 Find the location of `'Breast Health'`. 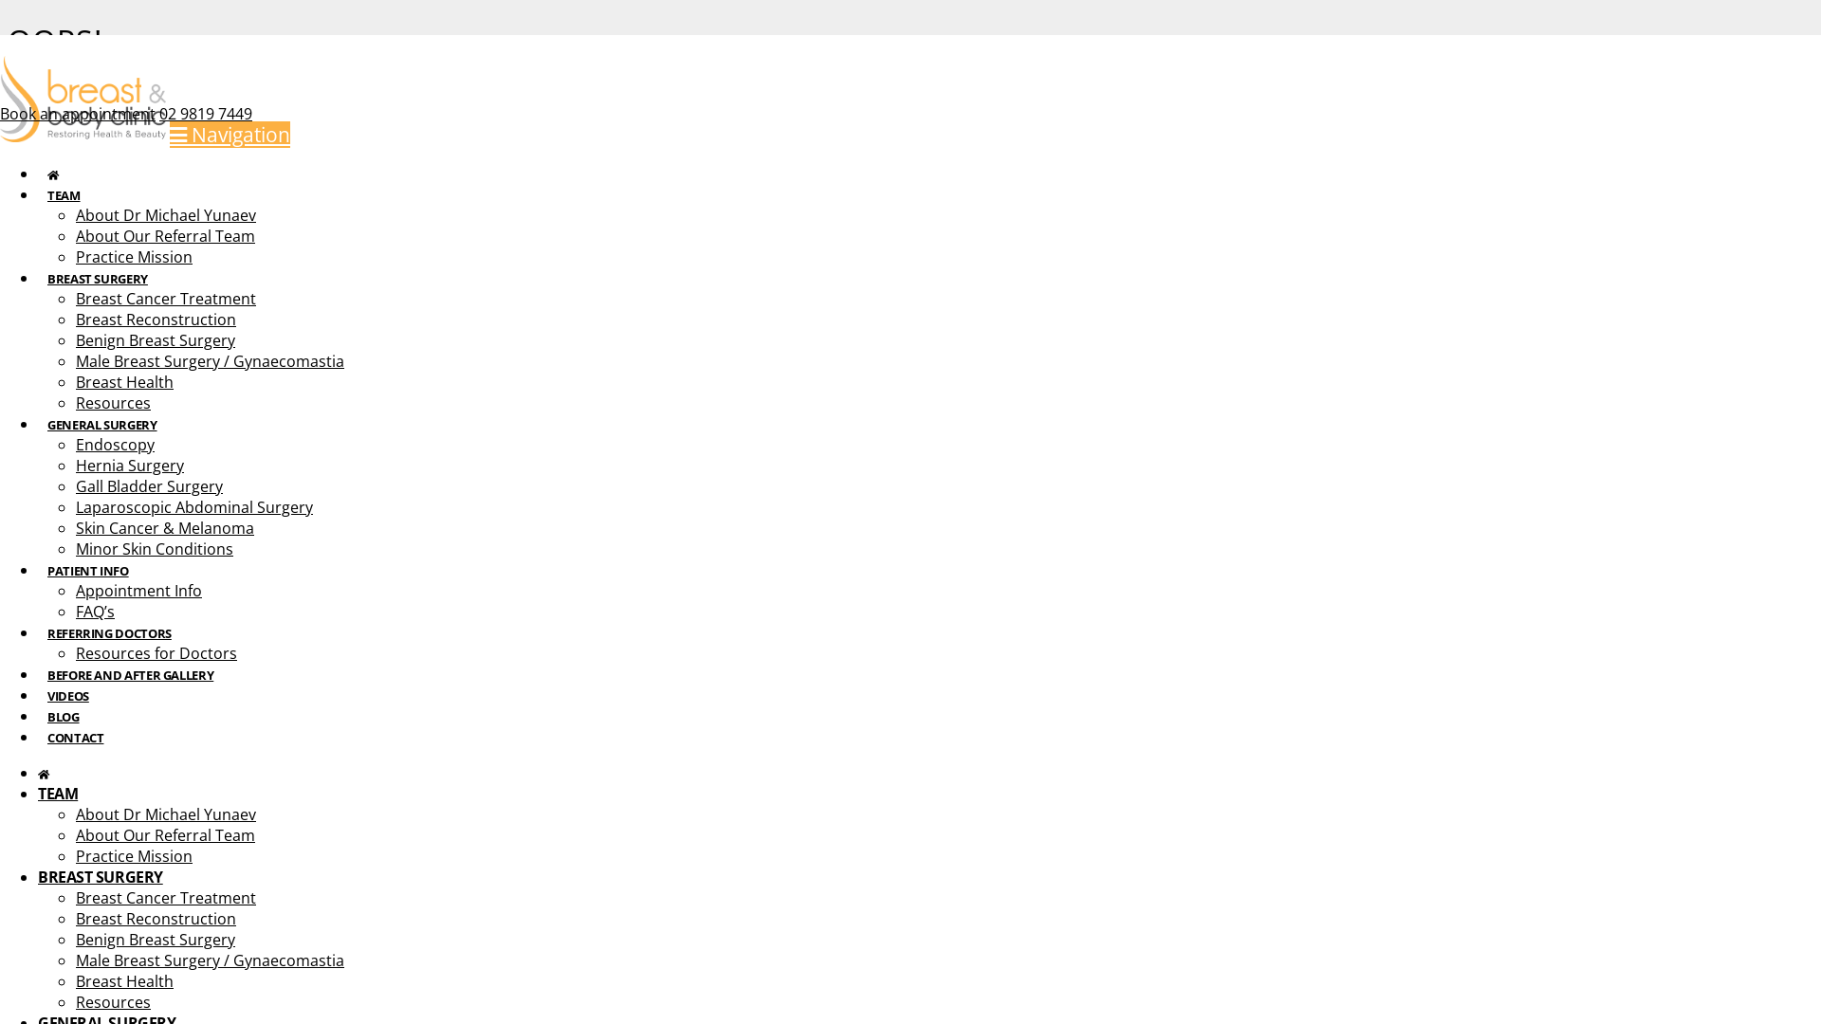

'Breast Health' is located at coordinates (123, 980).